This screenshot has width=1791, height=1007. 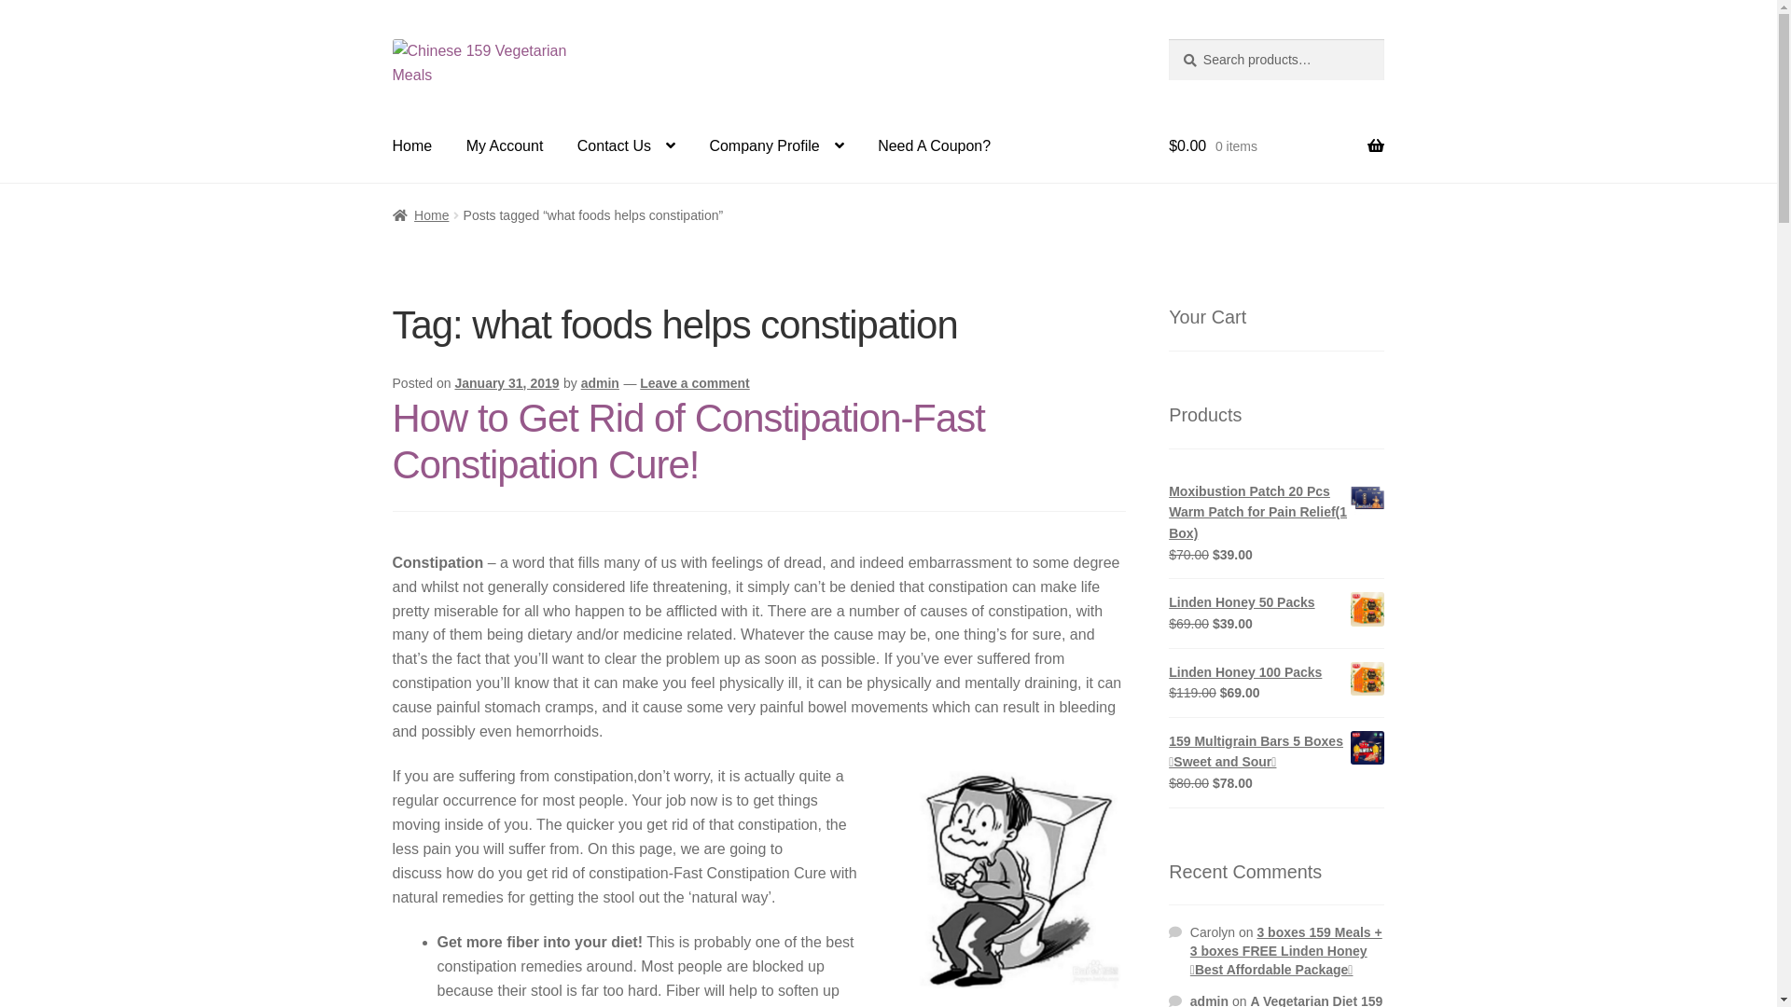 I want to click on 'Leave a comment', so click(x=693, y=382).